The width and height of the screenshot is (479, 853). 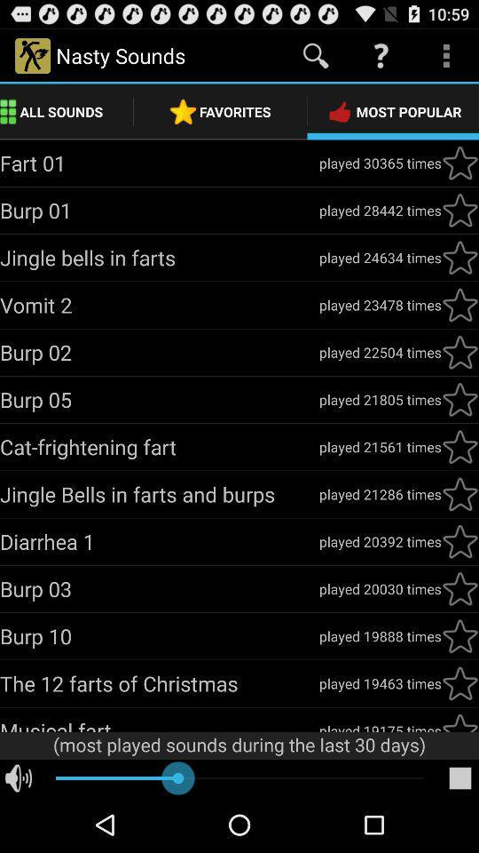 I want to click on icon above most played sounds, so click(x=379, y=726).